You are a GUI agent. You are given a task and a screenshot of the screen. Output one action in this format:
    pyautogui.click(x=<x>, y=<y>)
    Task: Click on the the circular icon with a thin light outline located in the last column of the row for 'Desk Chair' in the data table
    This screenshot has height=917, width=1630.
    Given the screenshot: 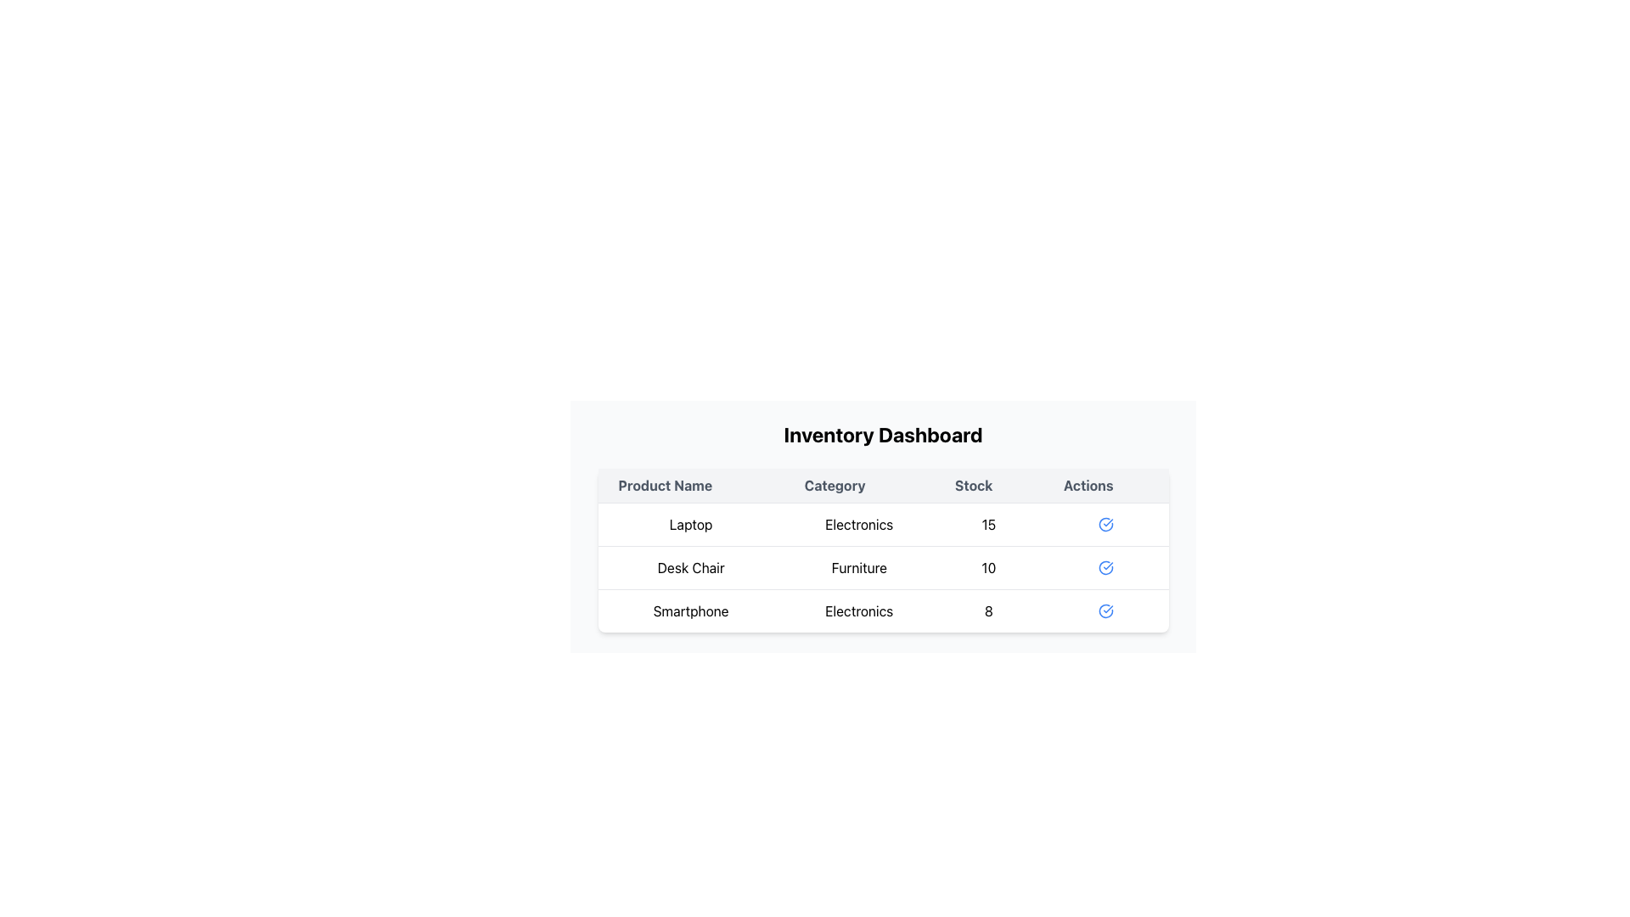 What is the action you would take?
    pyautogui.click(x=1105, y=567)
    